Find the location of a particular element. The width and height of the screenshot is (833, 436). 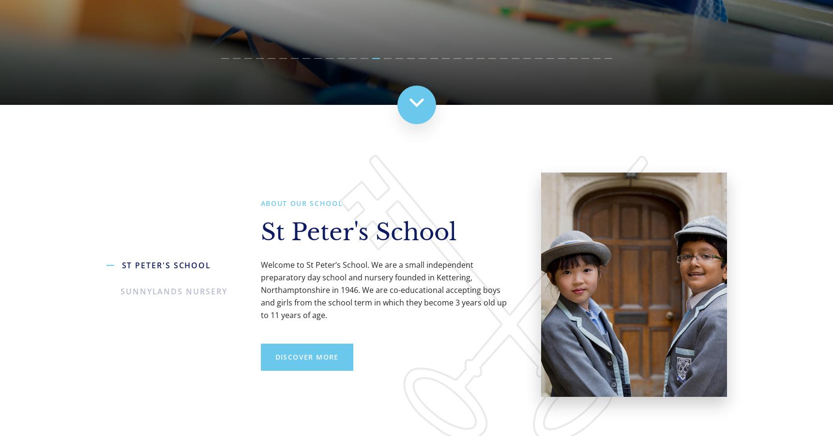

'Welcome to Sunnylands Nursery.  We are a small, independent nursery founded in Kettering, Northamptonshire. We are co-educational accepting boys and girls from the school term in which they become 3 years old in the stunning grounds of St Peter's School.' is located at coordinates (382, 290).